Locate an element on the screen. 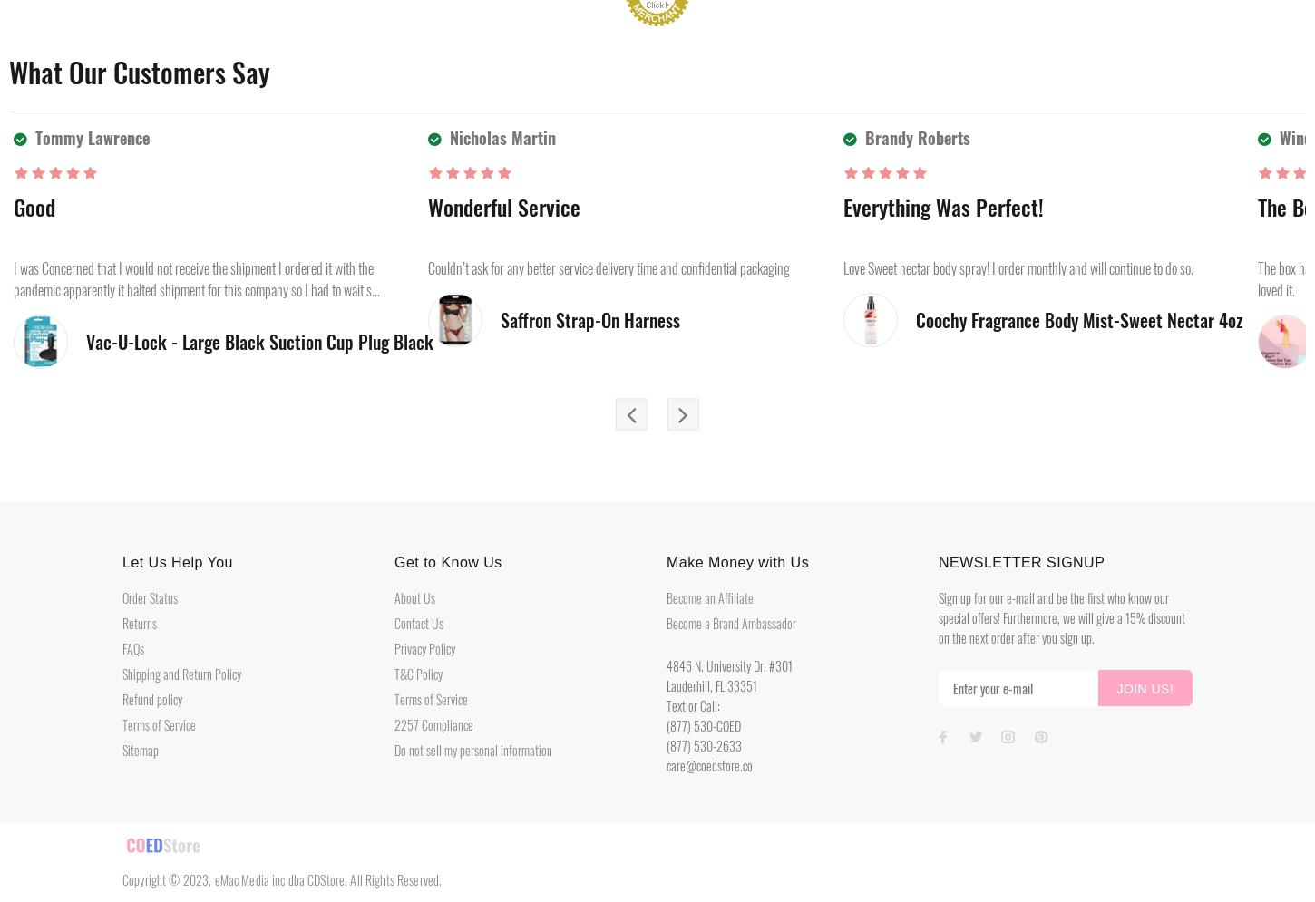 The height and width of the screenshot is (902, 1315). 'Refund policy' is located at coordinates (151, 699).